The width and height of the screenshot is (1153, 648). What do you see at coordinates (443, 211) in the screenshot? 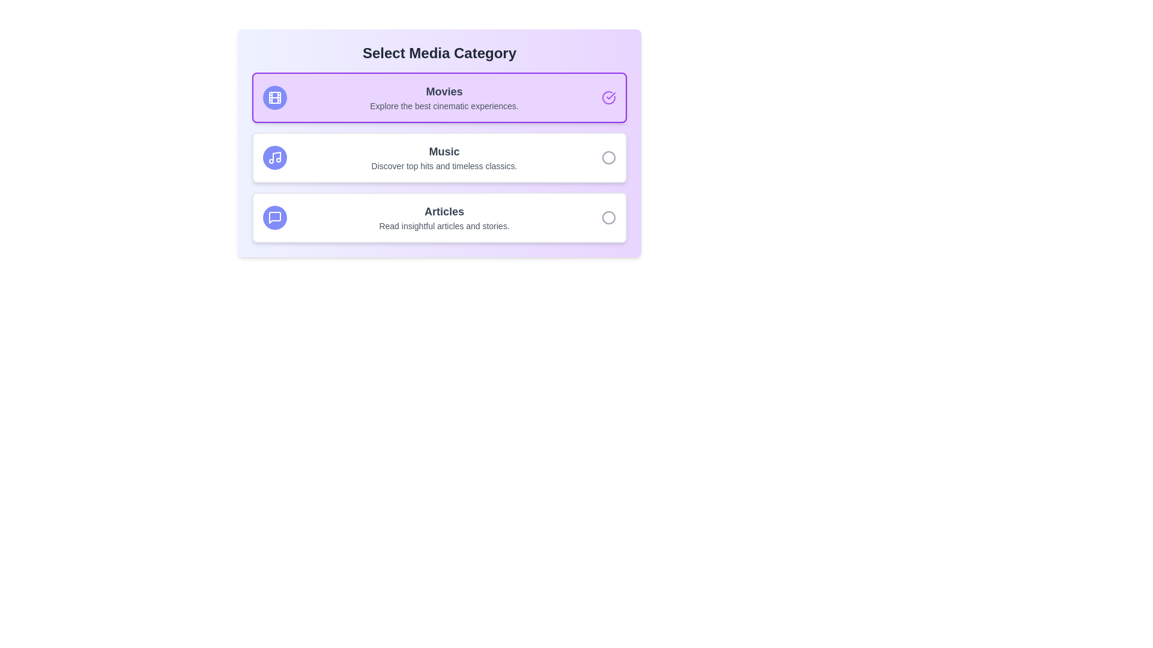
I see `the 'Articles' media category label, which serves as a visual reference for users selecting this option` at bounding box center [443, 211].